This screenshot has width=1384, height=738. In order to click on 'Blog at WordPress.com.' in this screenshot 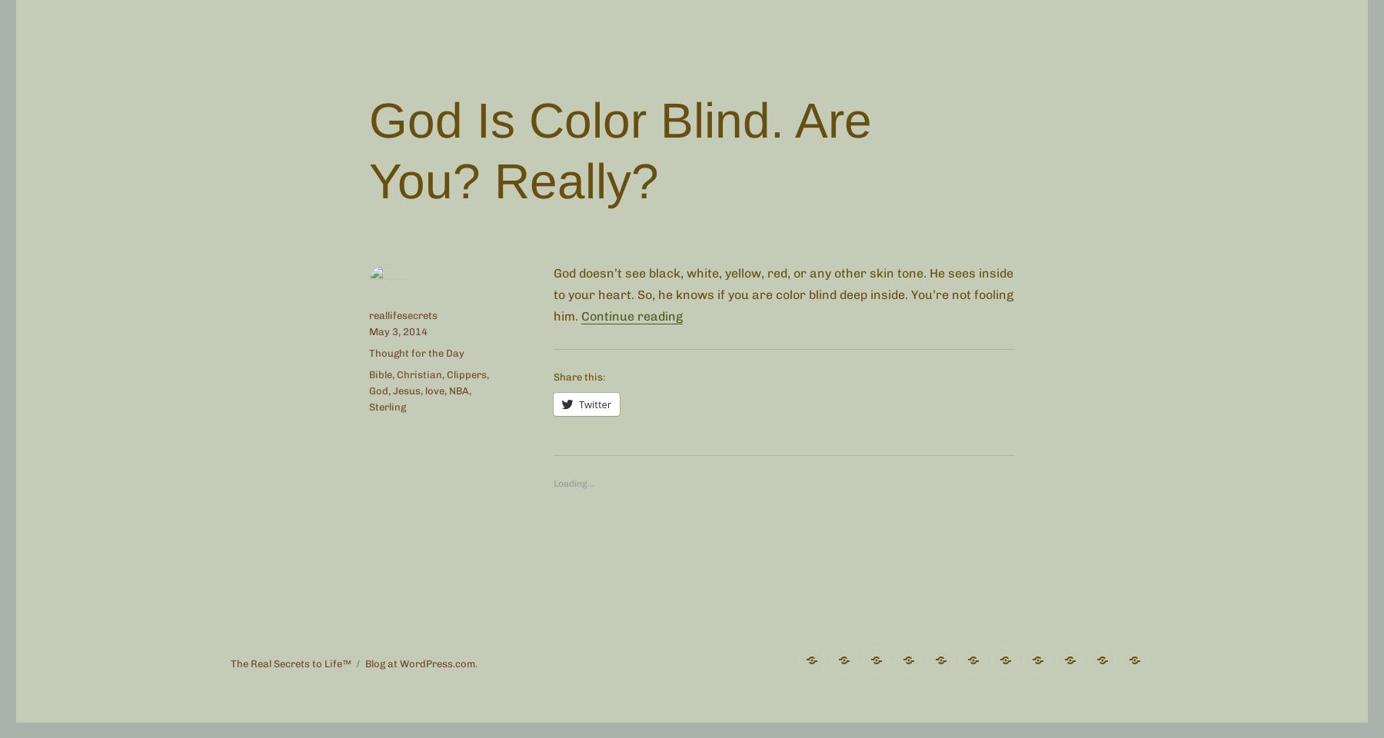, I will do `click(420, 662)`.